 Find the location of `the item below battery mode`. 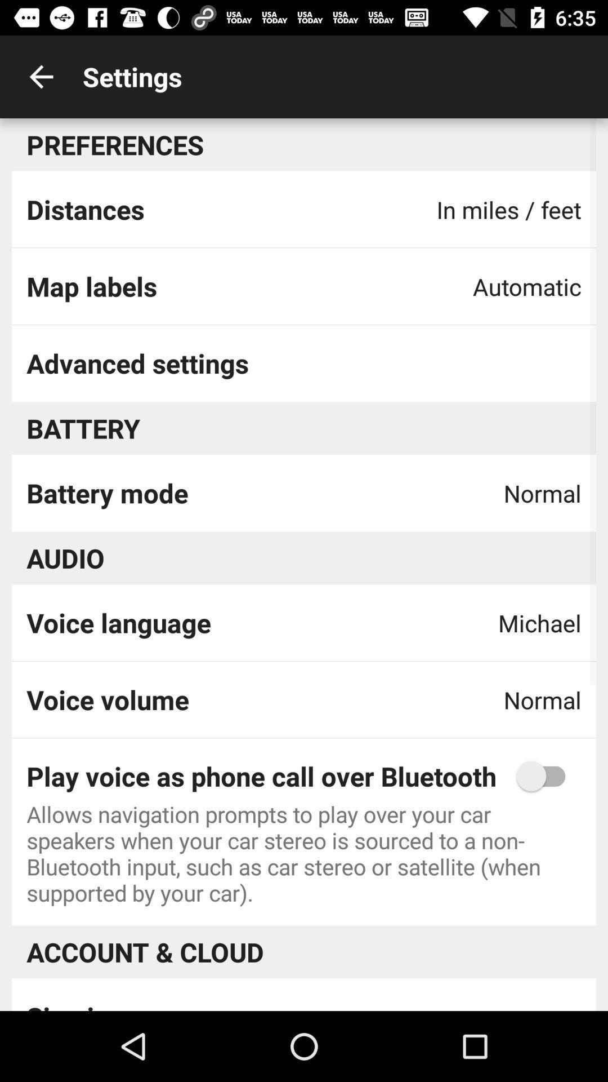

the item below battery mode is located at coordinates (65, 558).